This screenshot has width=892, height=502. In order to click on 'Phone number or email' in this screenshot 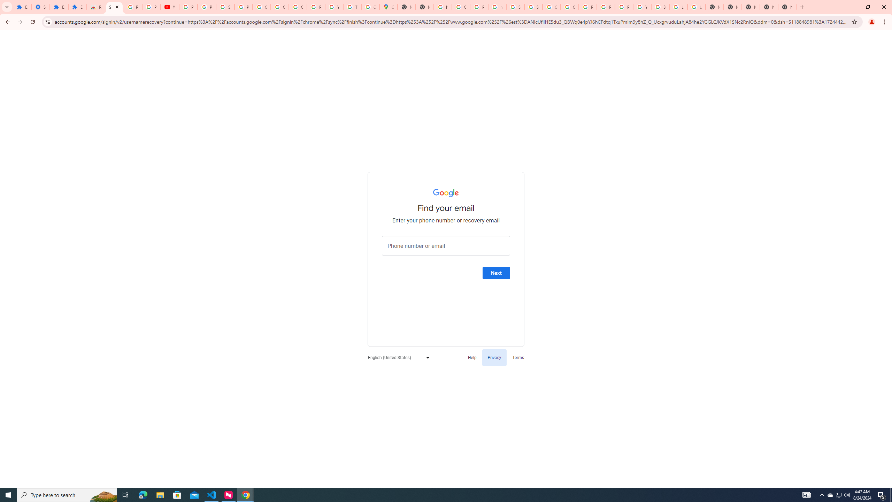, I will do `click(446, 245)`.